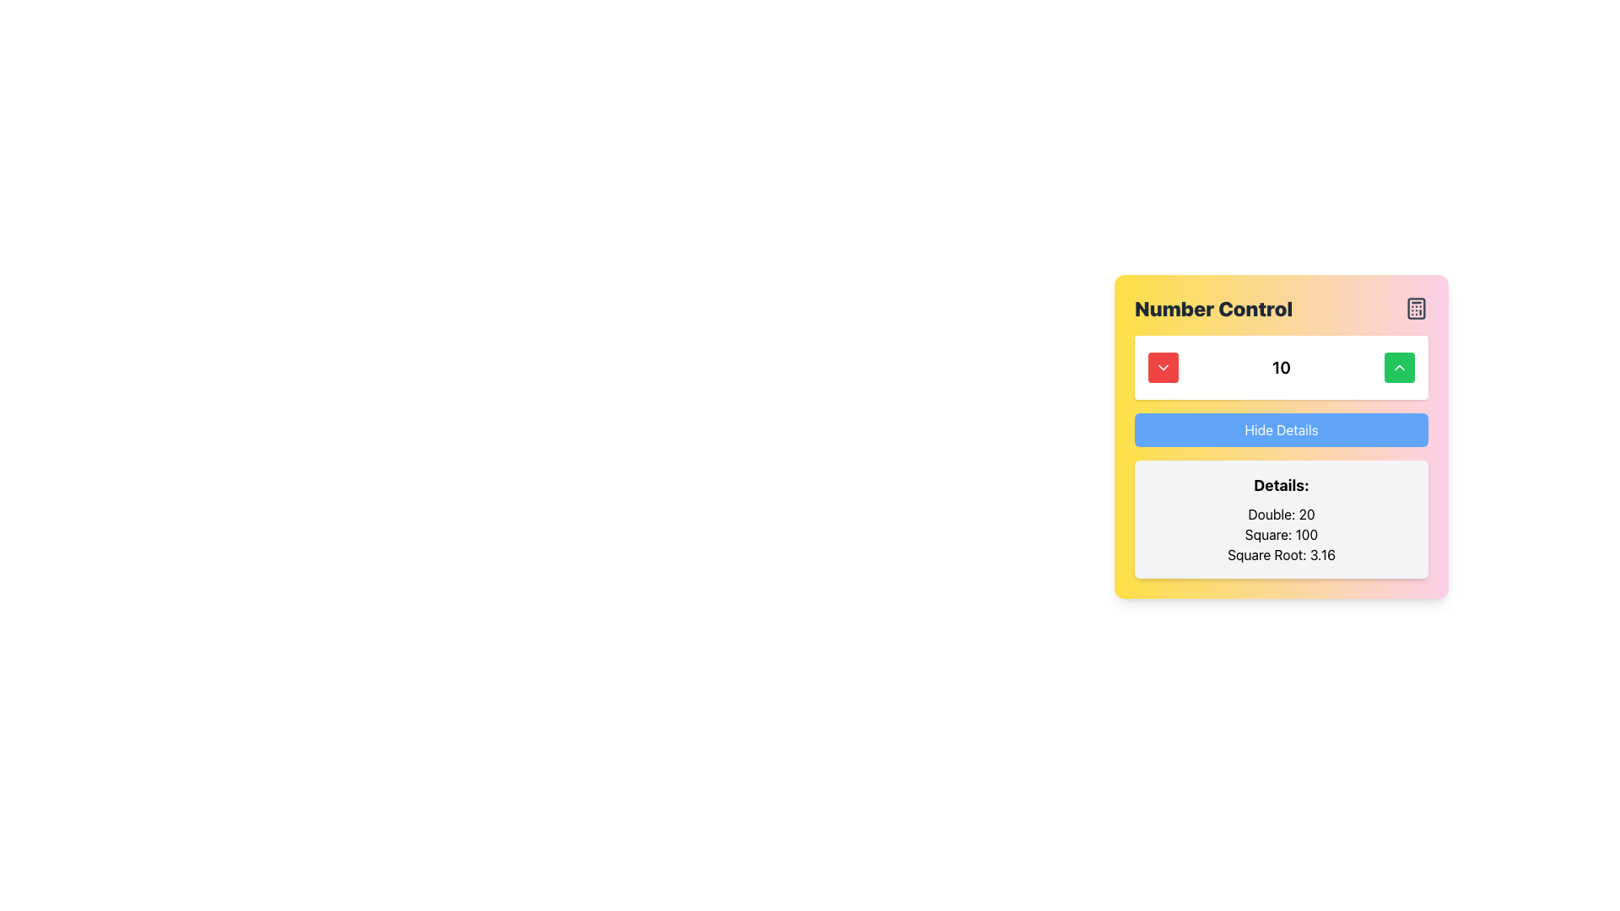 This screenshot has width=1620, height=911. What do you see at coordinates (1281, 366) in the screenshot?
I see `the Text Display element that shows a numerical value, centrally located within the 'Number Control' card, above the 'Hide Details' button` at bounding box center [1281, 366].